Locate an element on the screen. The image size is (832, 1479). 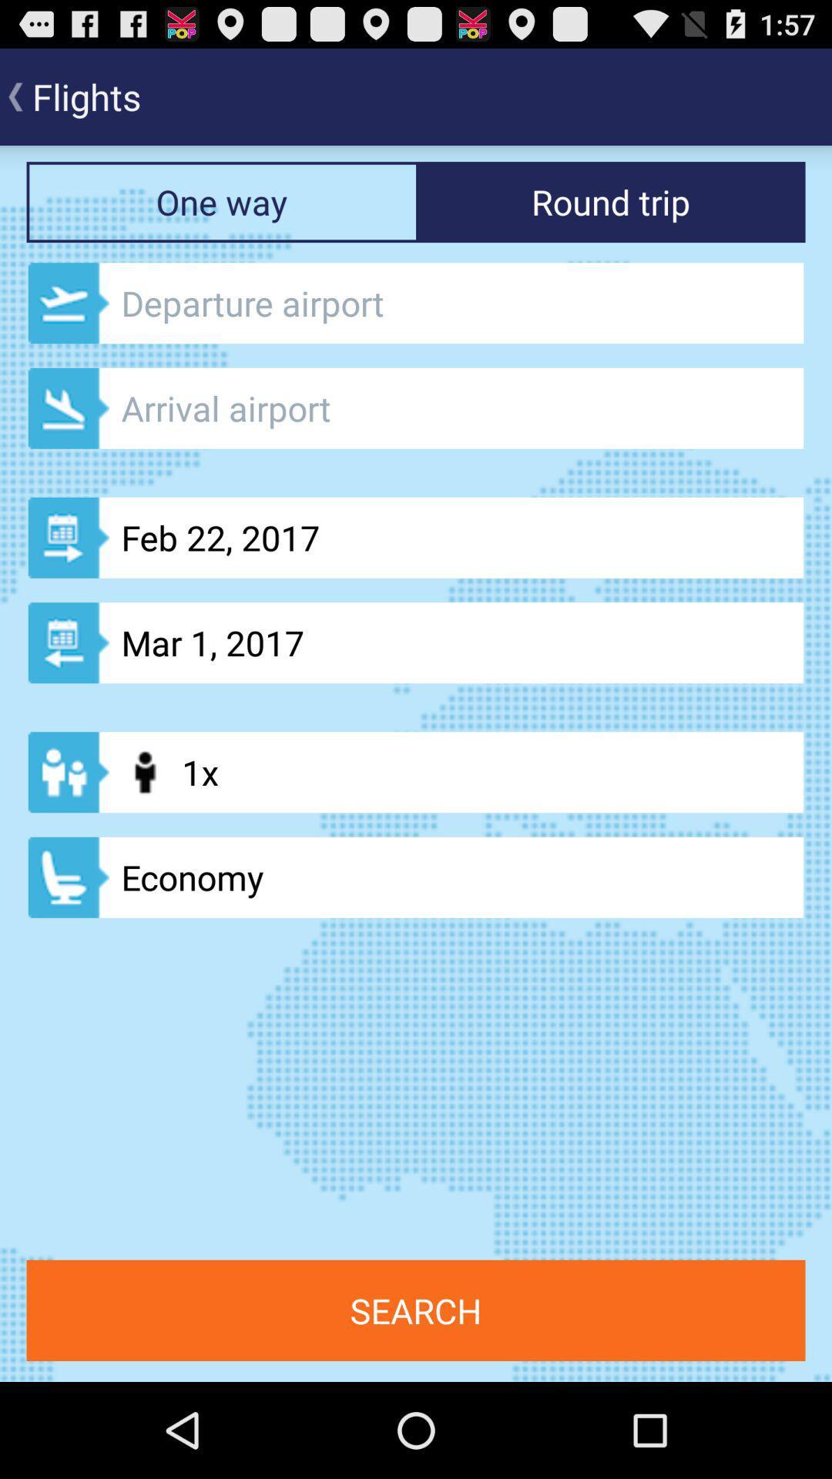
the blue icon which is left side of the 1x is located at coordinates (68, 772).